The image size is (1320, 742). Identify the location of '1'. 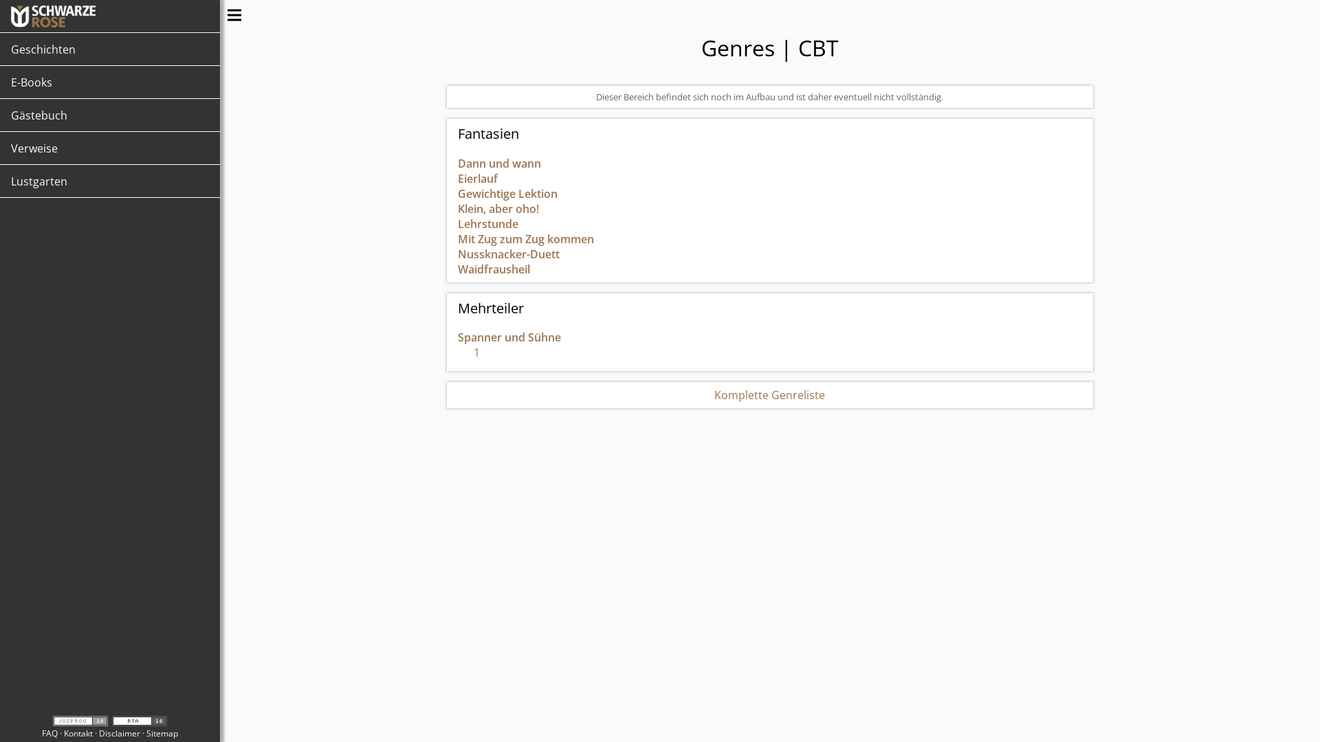
(468, 354).